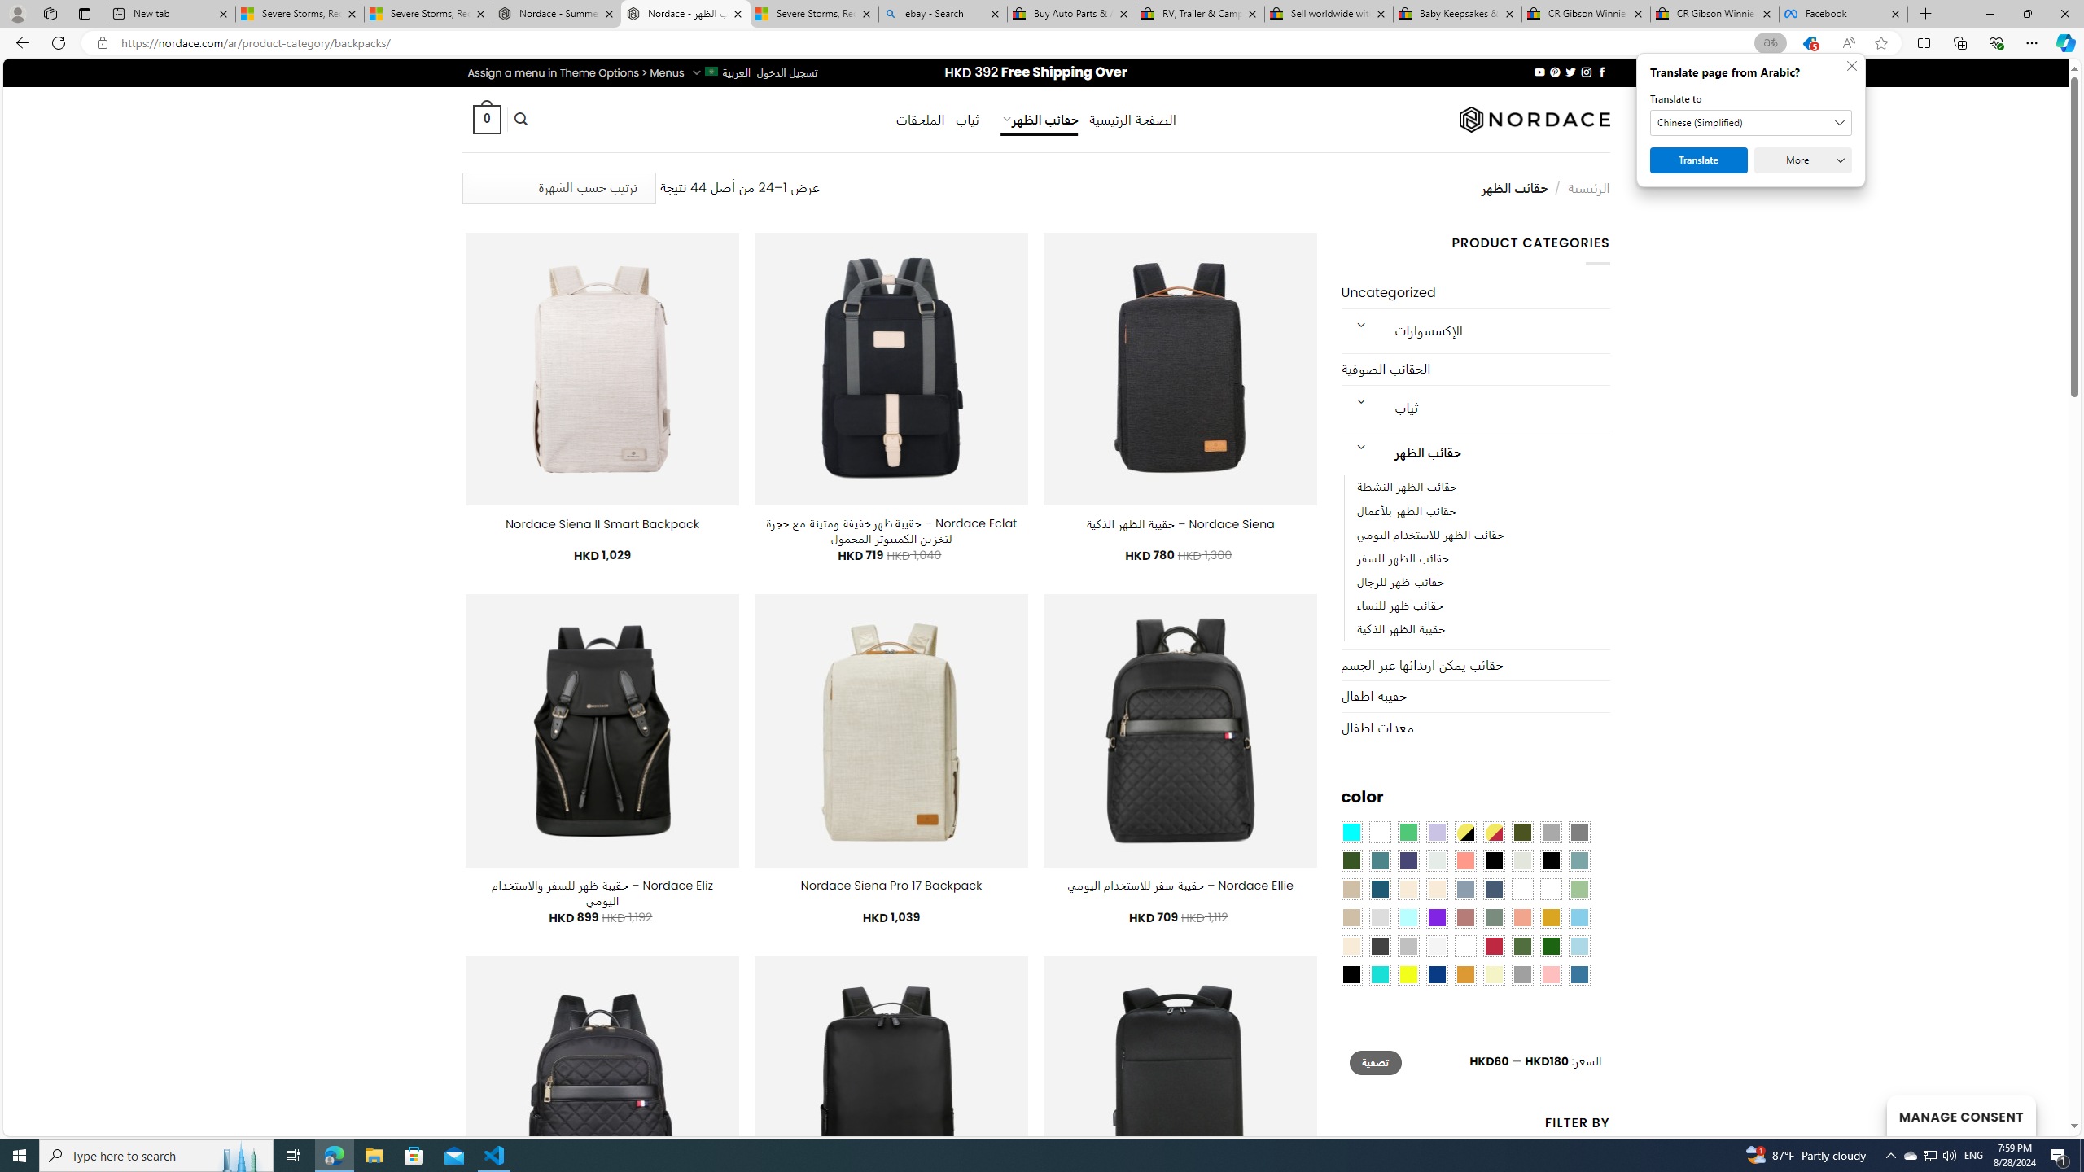 The height and width of the screenshot is (1172, 2084). Describe the element at coordinates (1493, 916) in the screenshot. I see `'Sage'` at that location.